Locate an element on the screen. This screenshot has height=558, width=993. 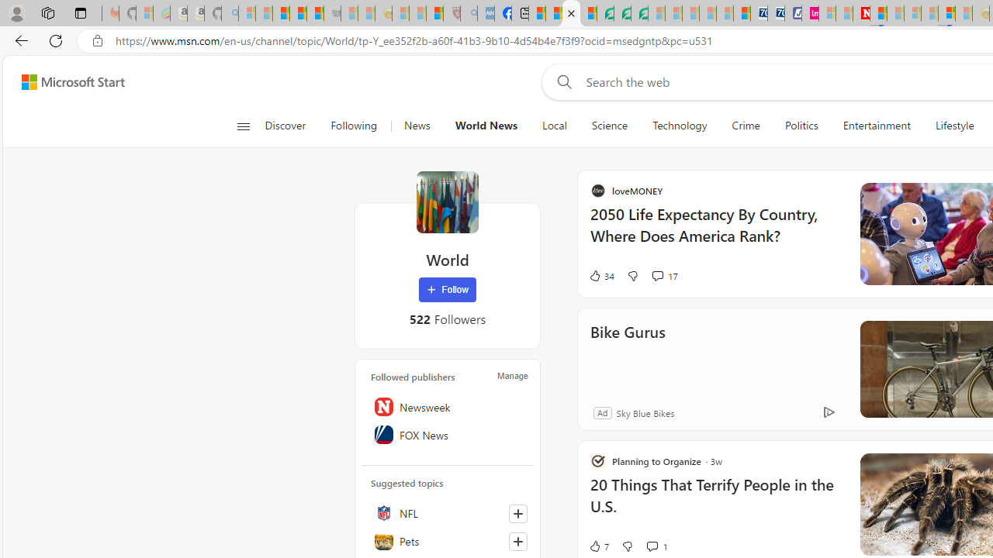
'Cheap Hotels - Save70.com' is located at coordinates (776, 13).